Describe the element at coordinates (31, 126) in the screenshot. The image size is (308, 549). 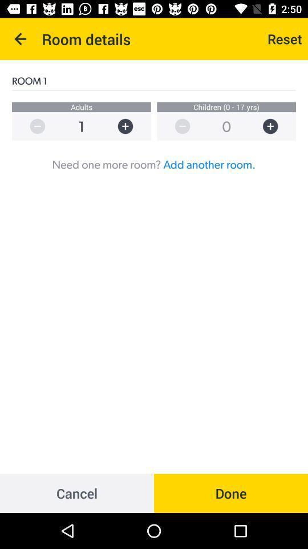
I see `remove selection` at that location.